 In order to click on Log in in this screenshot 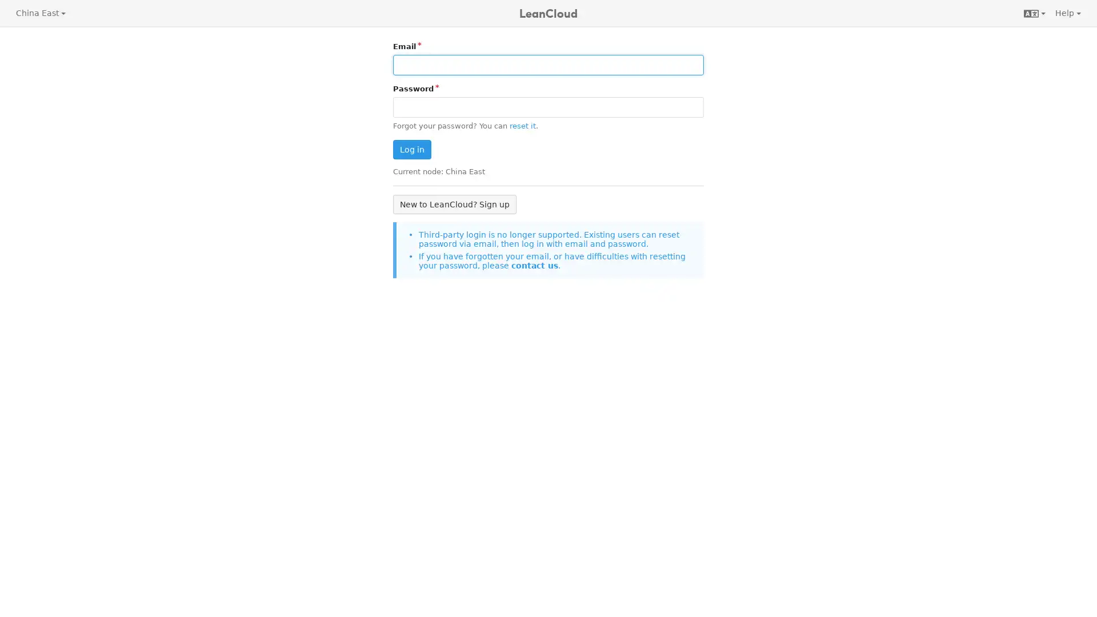, I will do `click(411, 149)`.